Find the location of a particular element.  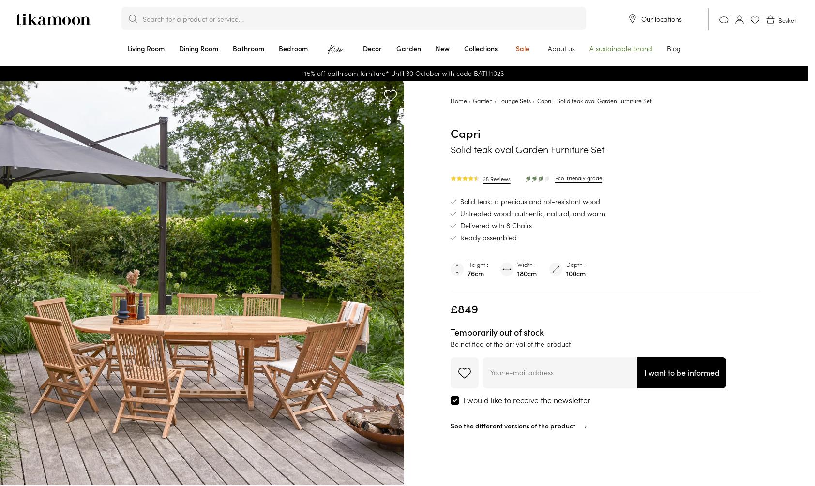

'Temporarily out of stock' is located at coordinates (496, 332).